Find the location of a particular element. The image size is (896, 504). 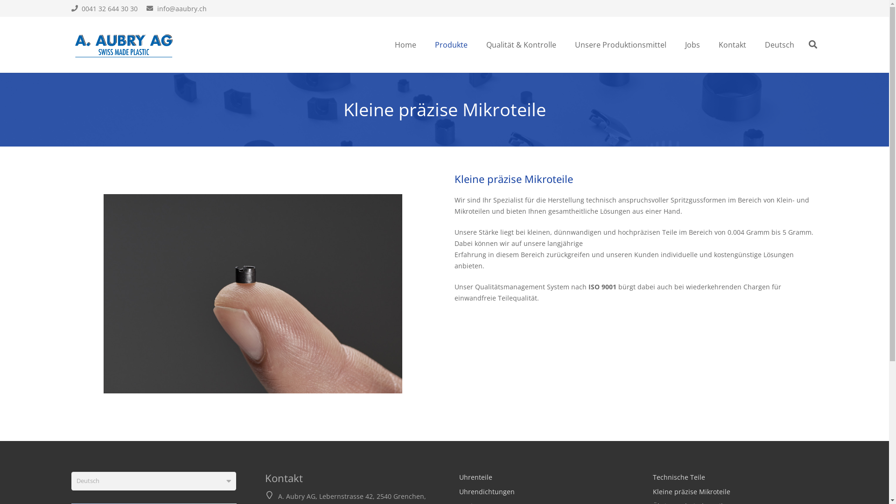

'Deutsch' is located at coordinates (779, 45).